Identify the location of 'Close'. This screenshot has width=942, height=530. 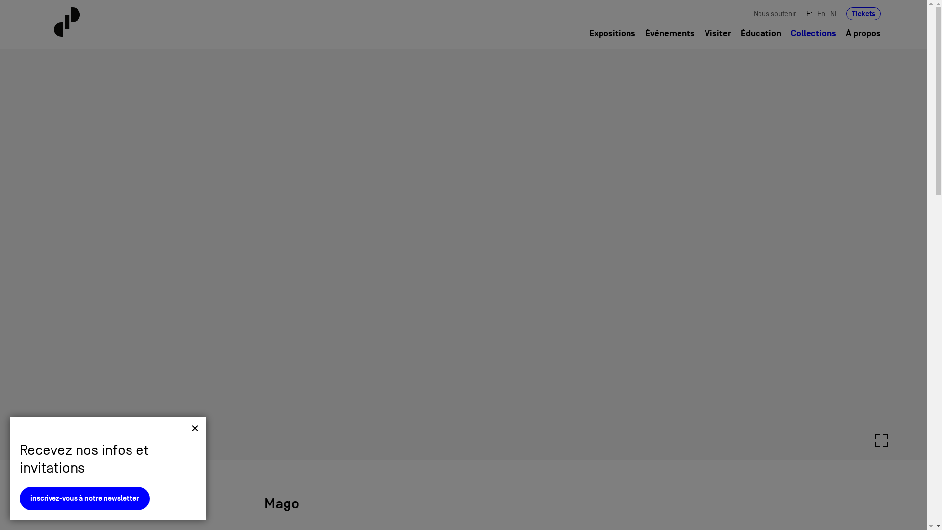
(191, 434).